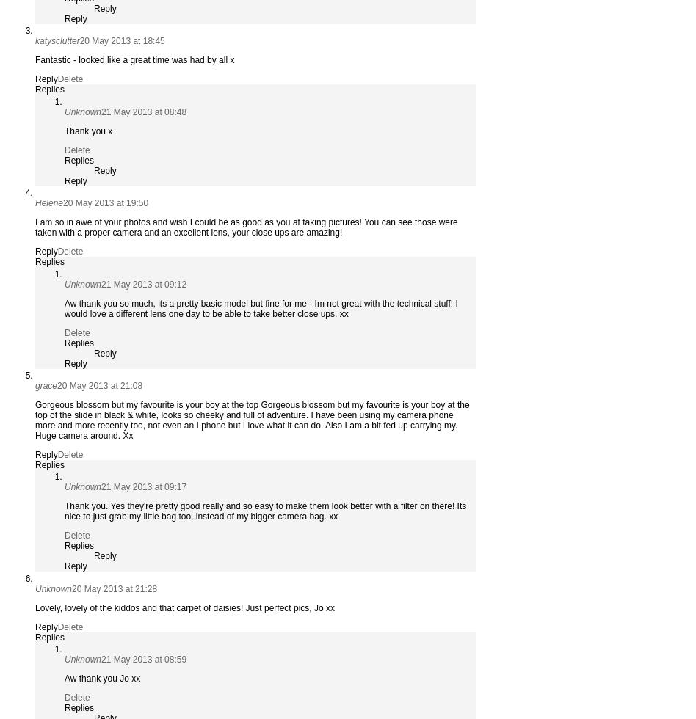 The height and width of the screenshot is (719, 696). What do you see at coordinates (184, 607) in the screenshot?
I see `'Lovely, lovely of the kiddos and that carpet of daisies! Just perfect pics, Jo xx'` at bounding box center [184, 607].